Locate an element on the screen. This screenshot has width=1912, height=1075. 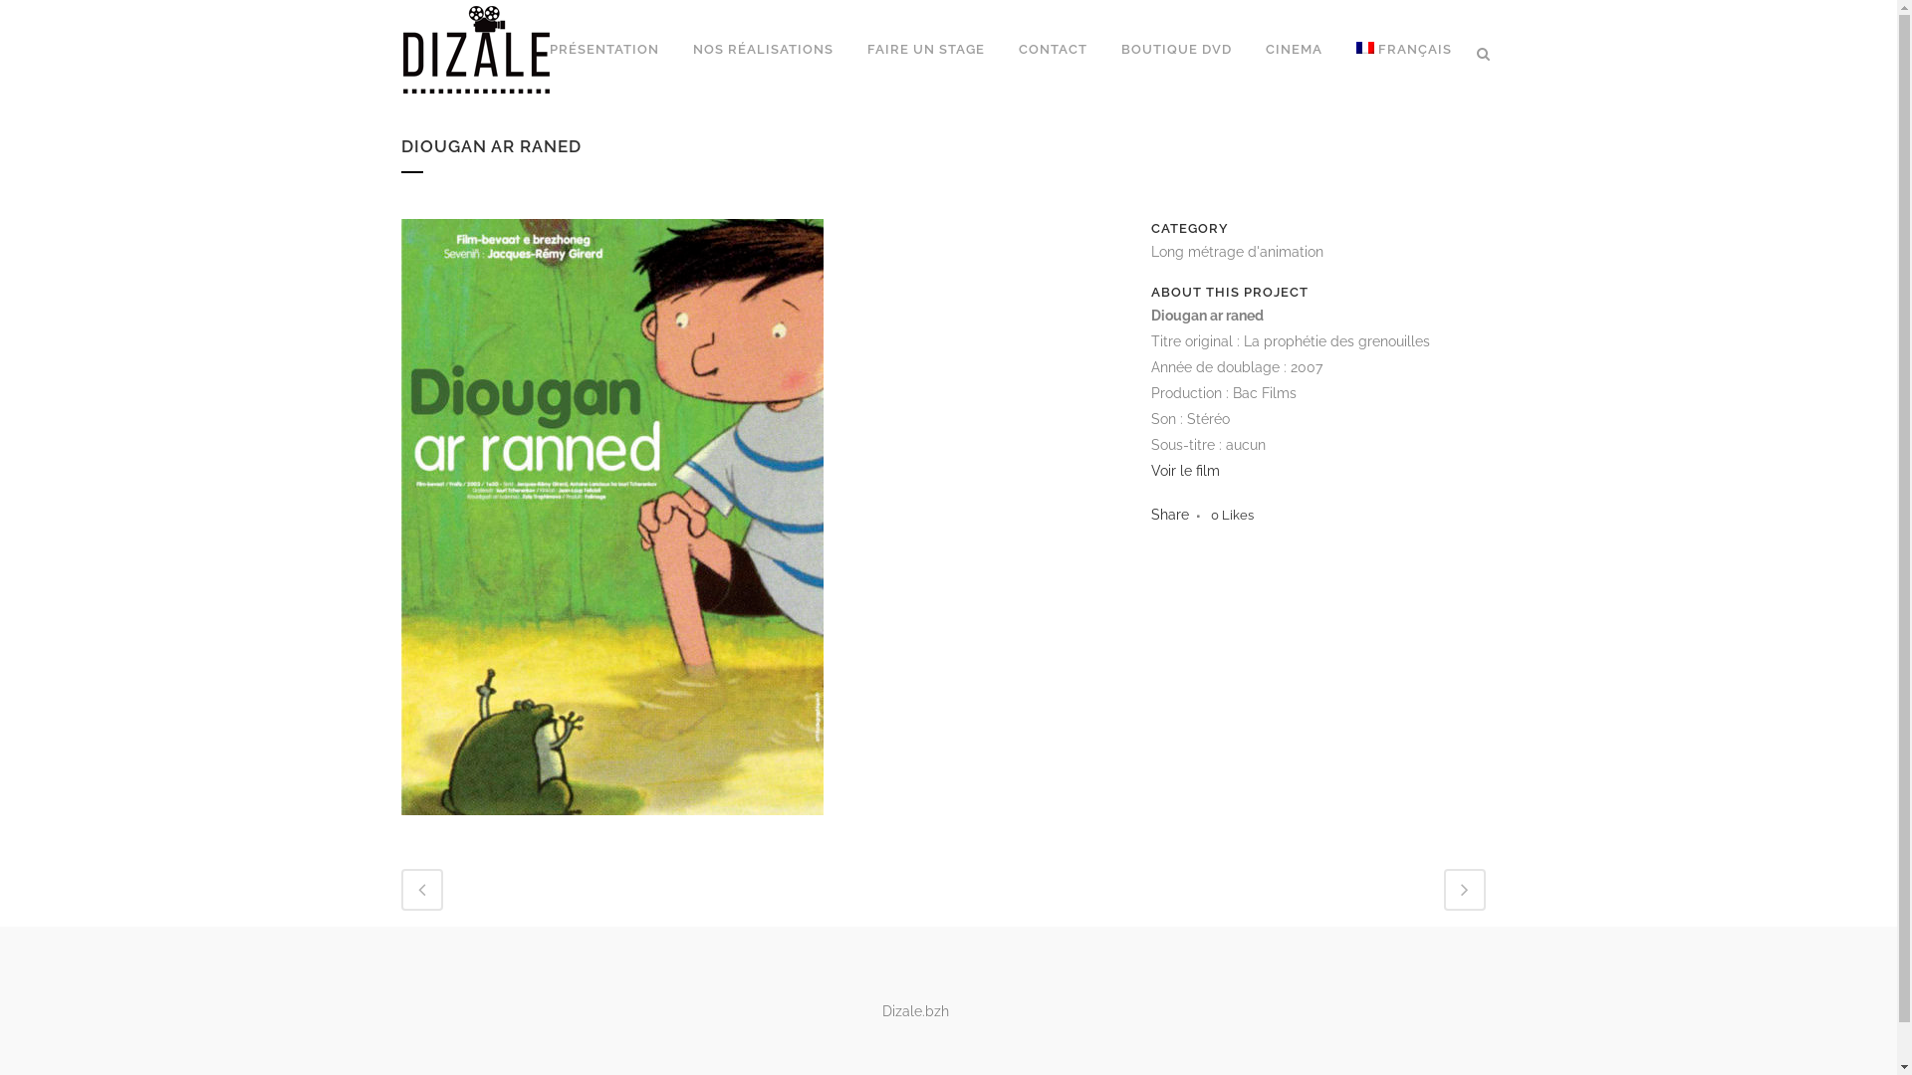
'Share' is located at coordinates (1170, 513).